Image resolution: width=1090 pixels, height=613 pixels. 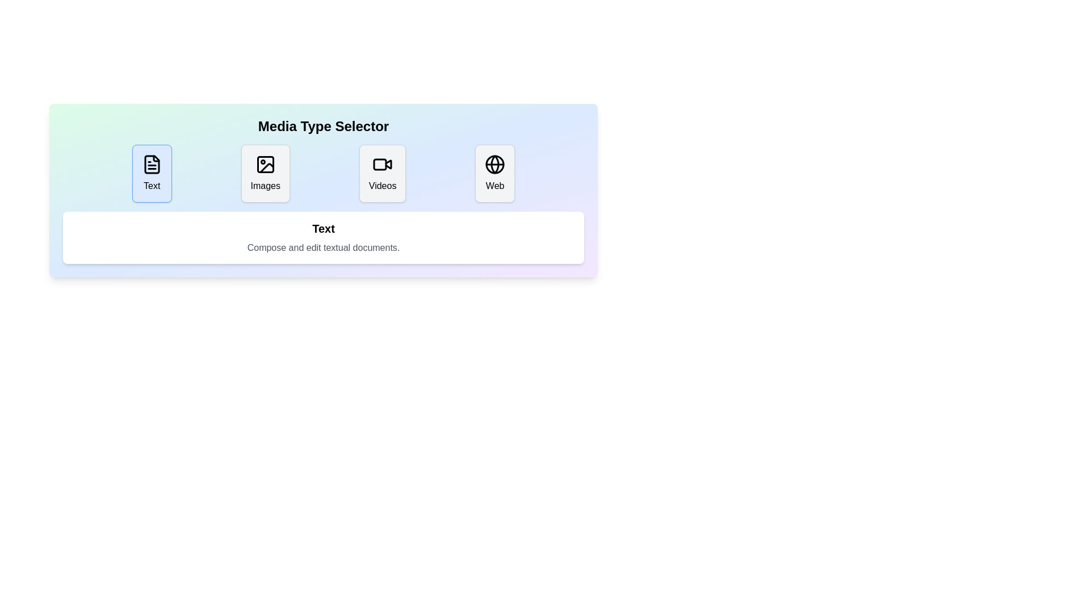 What do you see at coordinates (151, 173) in the screenshot?
I see `the 'Text' media type selection button located in the 'Media Type Selector' group` at bounding box center [151, 173].